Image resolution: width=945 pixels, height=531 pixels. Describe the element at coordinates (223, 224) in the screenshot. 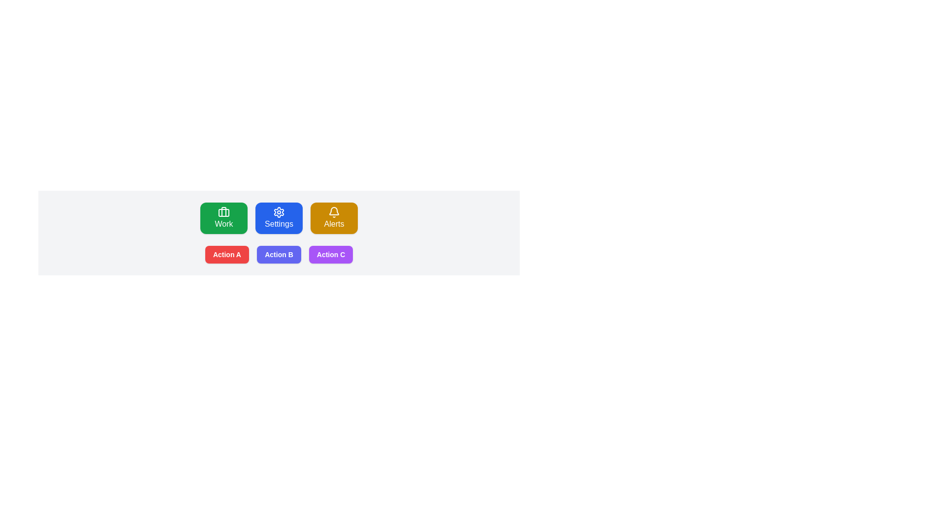

I see `the Text label within the 'Work' button, which is positioned at the bottom of the button and serves as its label` at that location.